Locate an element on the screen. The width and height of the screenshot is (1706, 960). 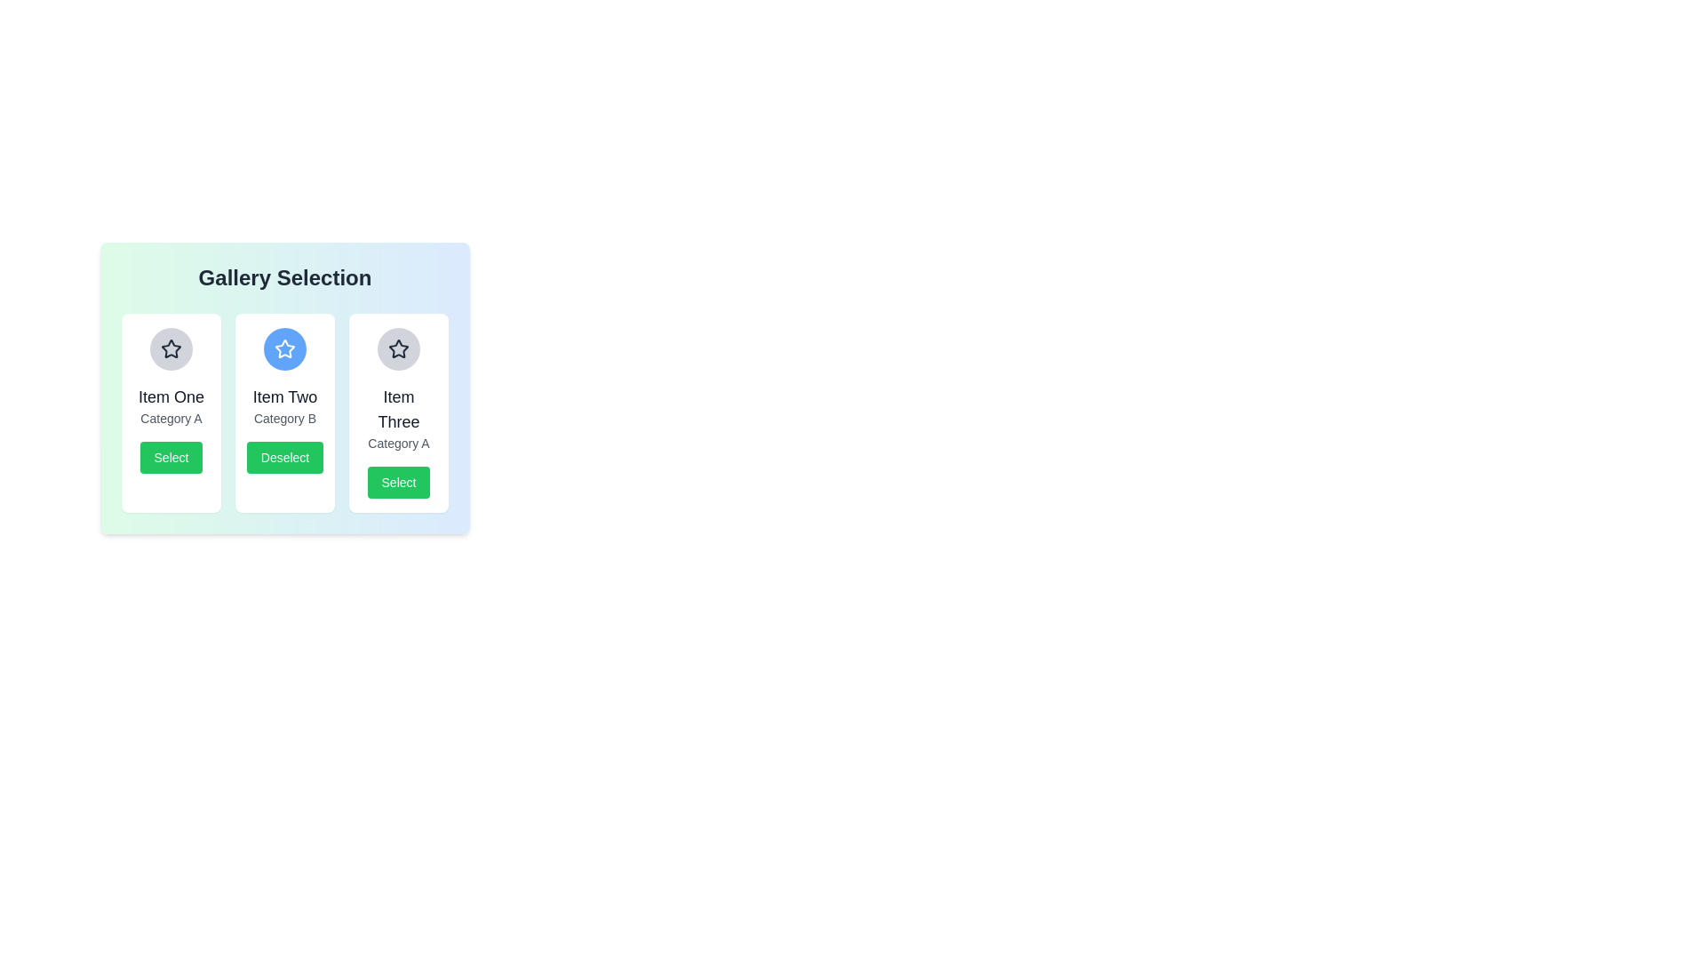
the button corresponding to Item Three to toggle its selection state is located at coordinates (397, 483).